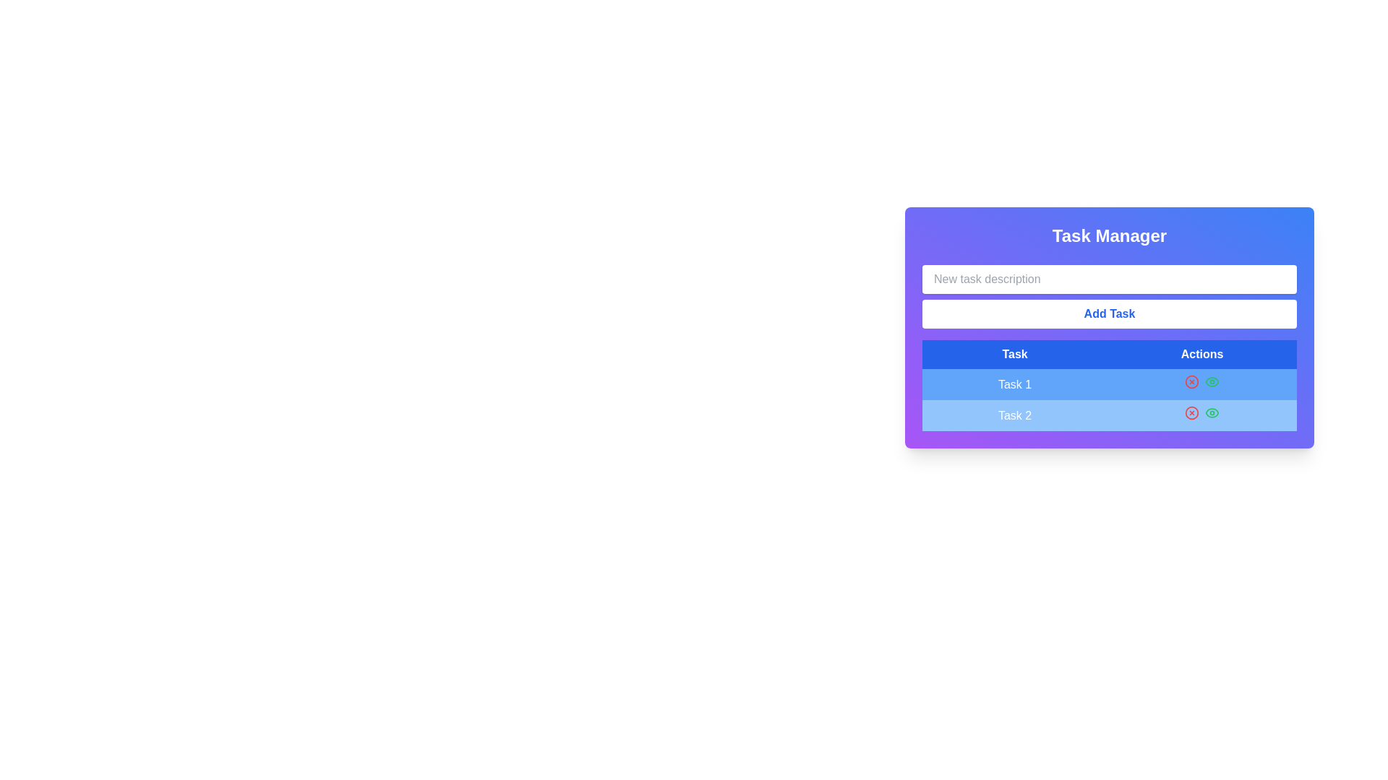 The width and height of the screenshot is (1388, 780). What do you see at coordinates (1109, 400) in the screenshot?
I see `the task labels 'Task 1' and 'Task 2' in the interactive list/table of tasks` at bounding box center [1109, 400].